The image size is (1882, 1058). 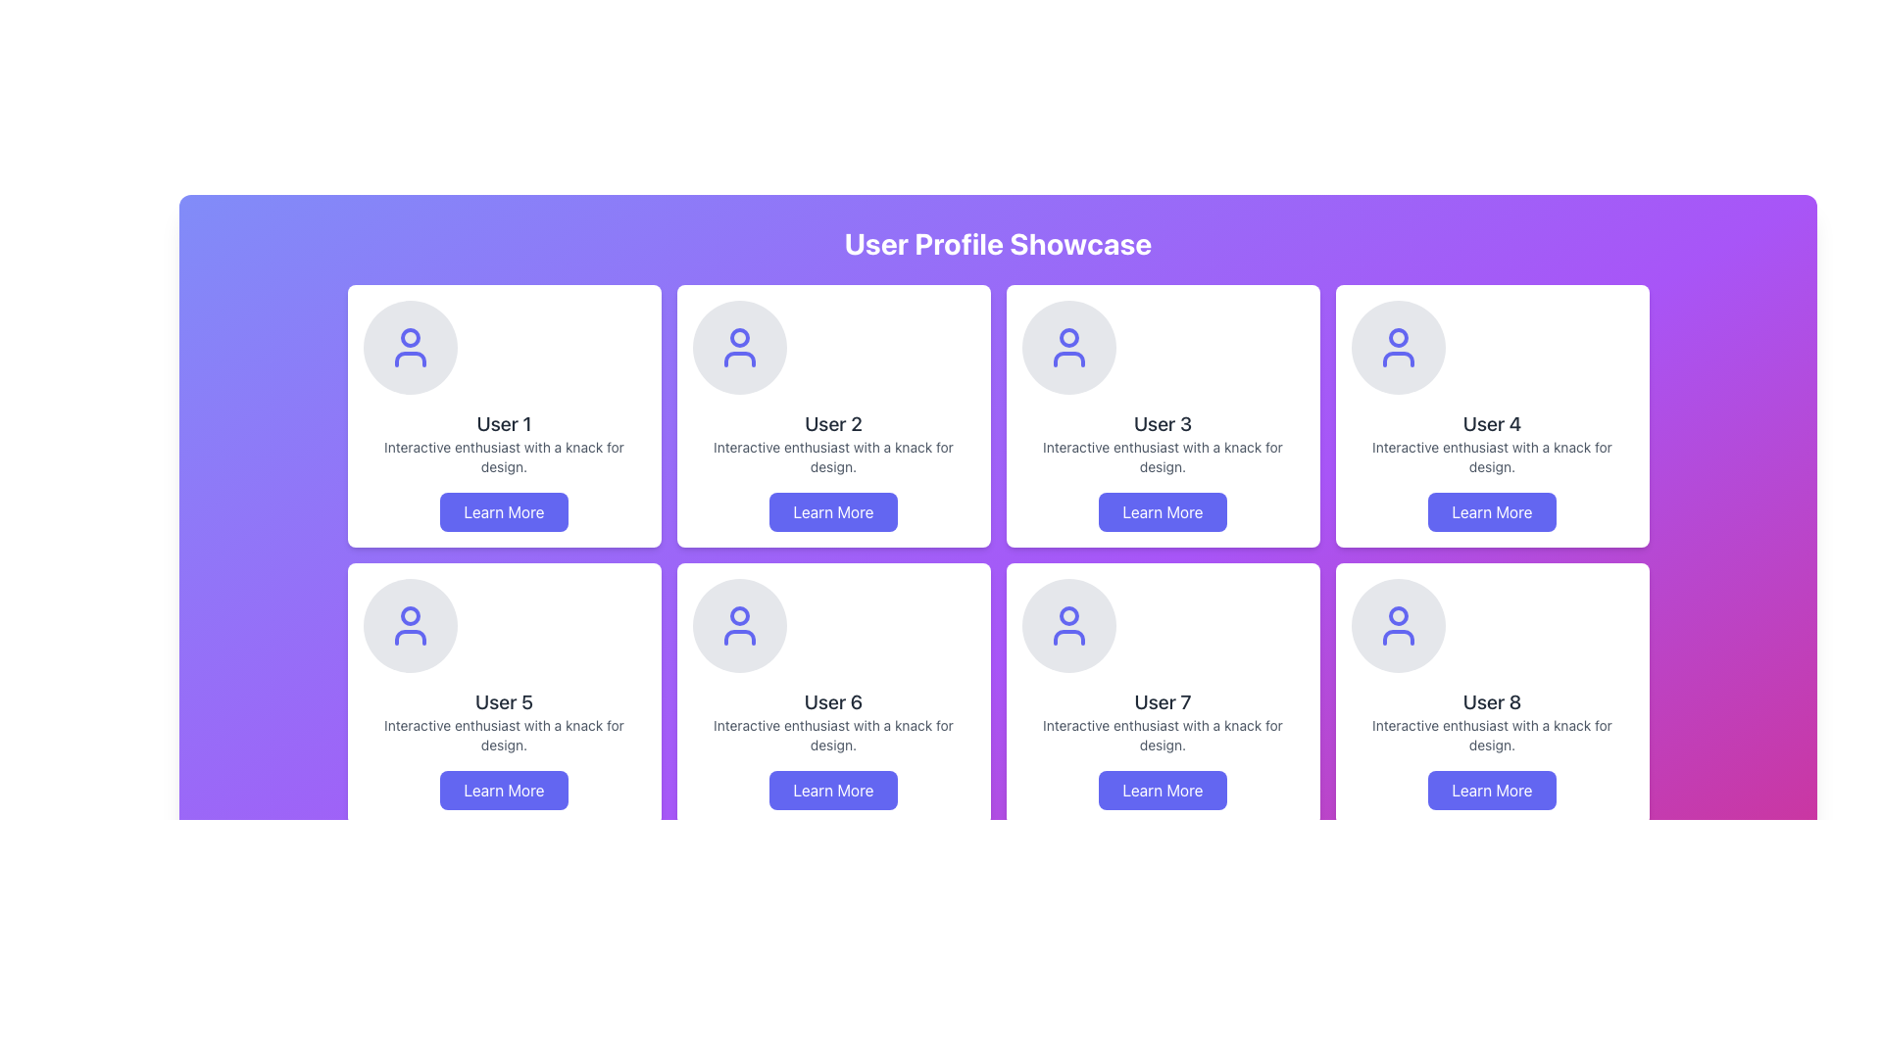 I want to click on the Icon-based Profile Placeholder located at the top of the user card labeled 'User 1' in the user profile showcase grid, so click(x=409, y=346).